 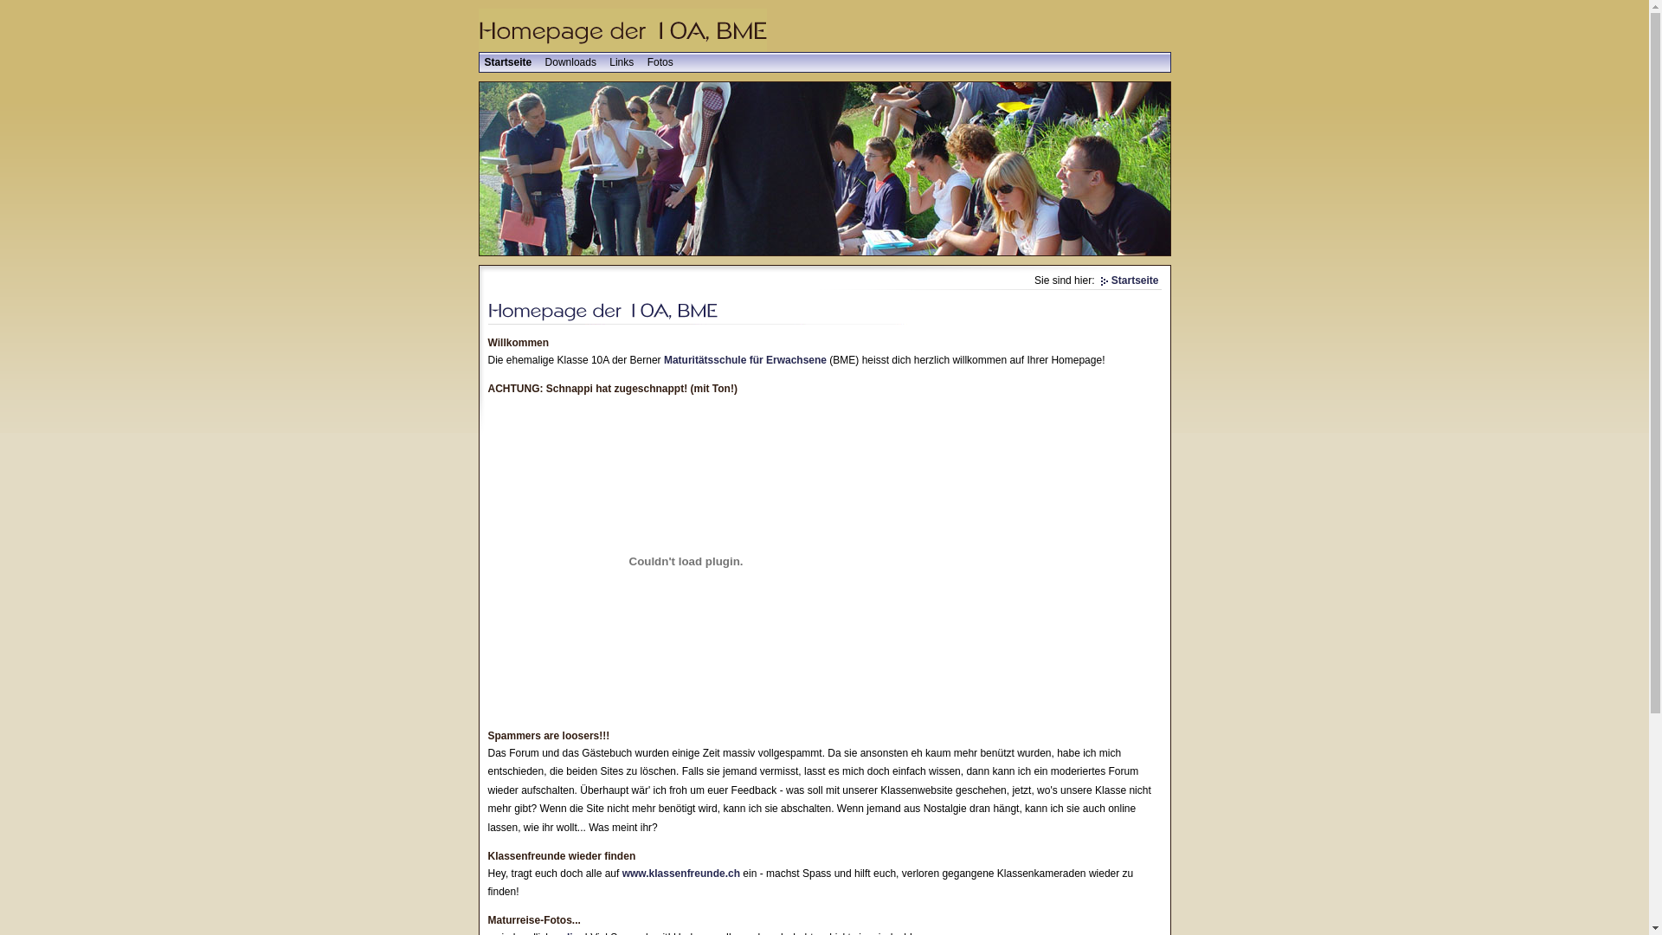 I want to click on 'Fotos', so click(x=660, y=61).